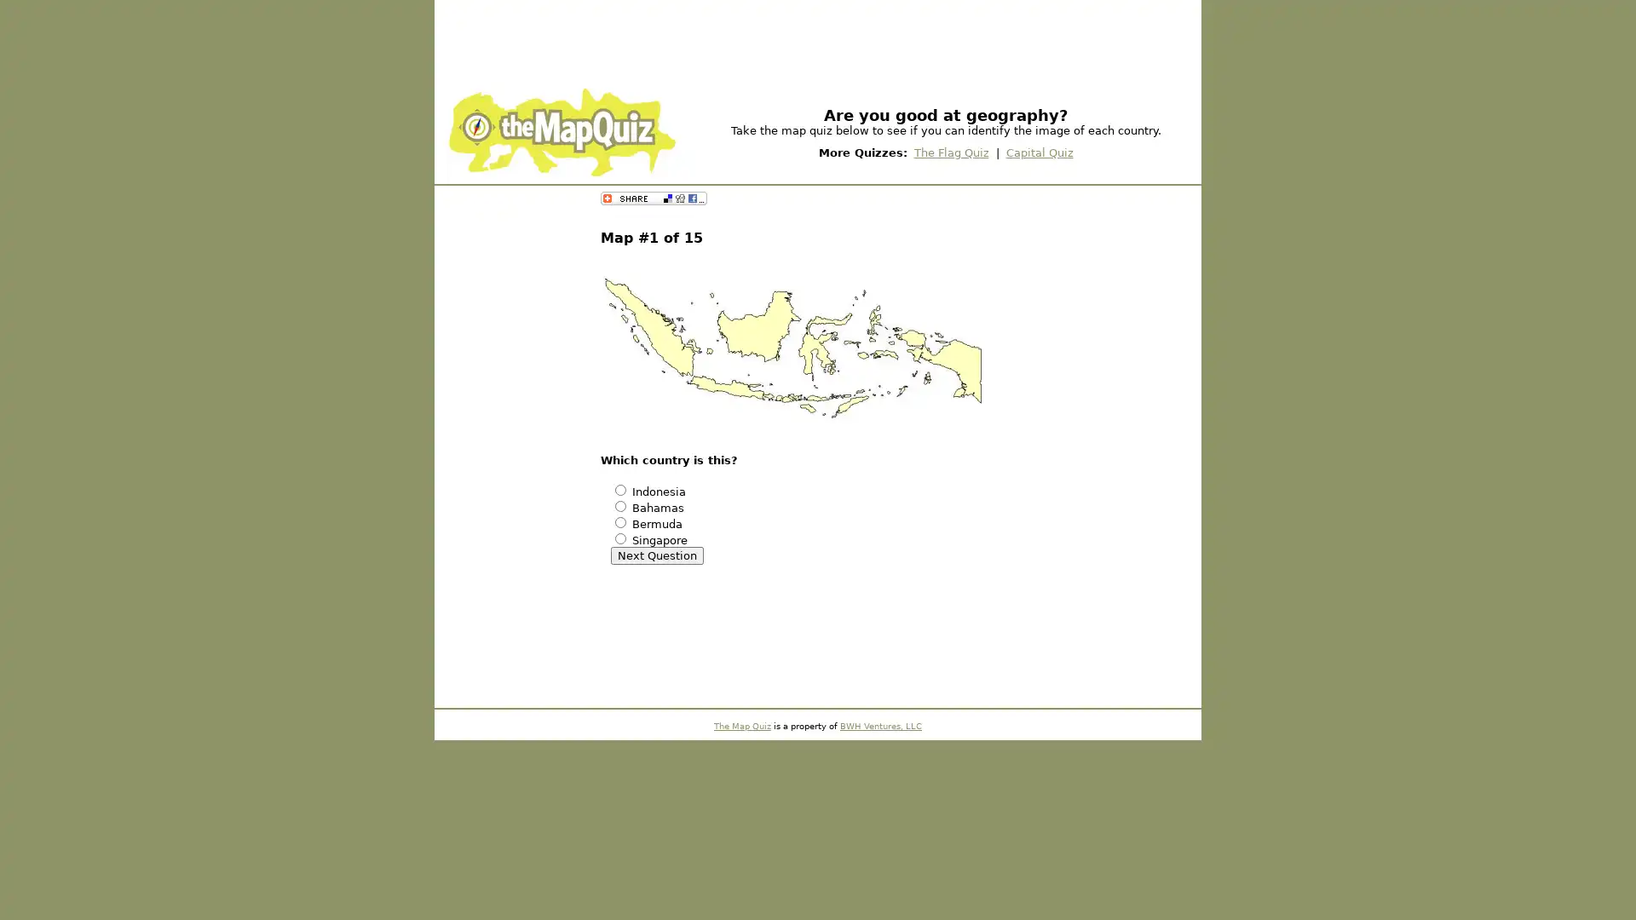  What do you see at coordinates (656, 555) in the screenshot?
I see `Next Question` at bounding box center [656, 555].